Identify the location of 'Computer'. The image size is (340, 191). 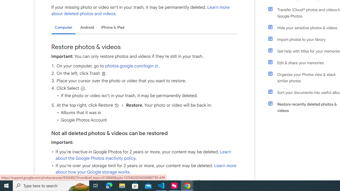
(63, 28).